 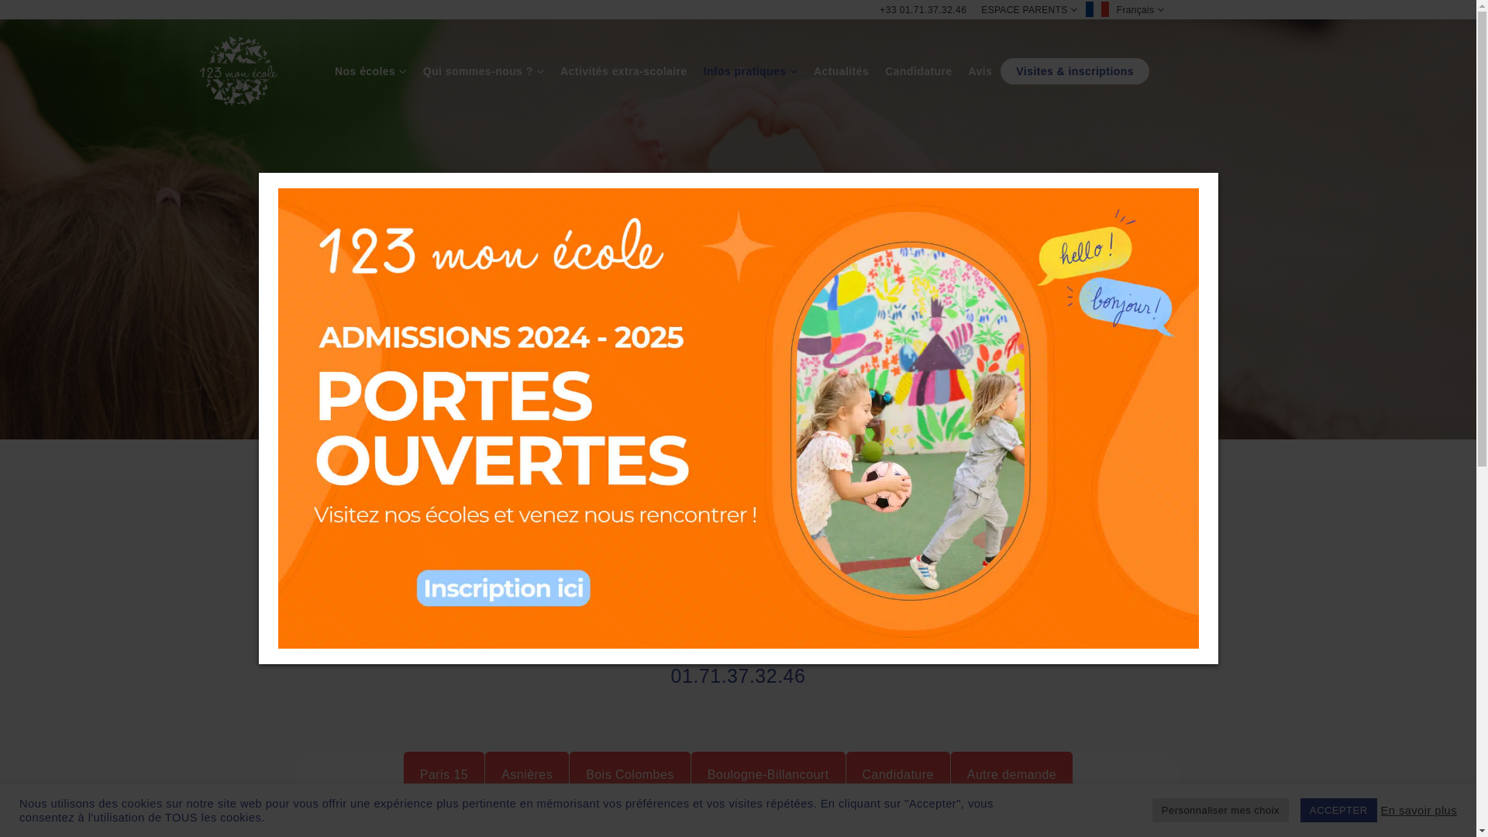 I want to click on 'Infos pratiques', so click(x=750, y=71).